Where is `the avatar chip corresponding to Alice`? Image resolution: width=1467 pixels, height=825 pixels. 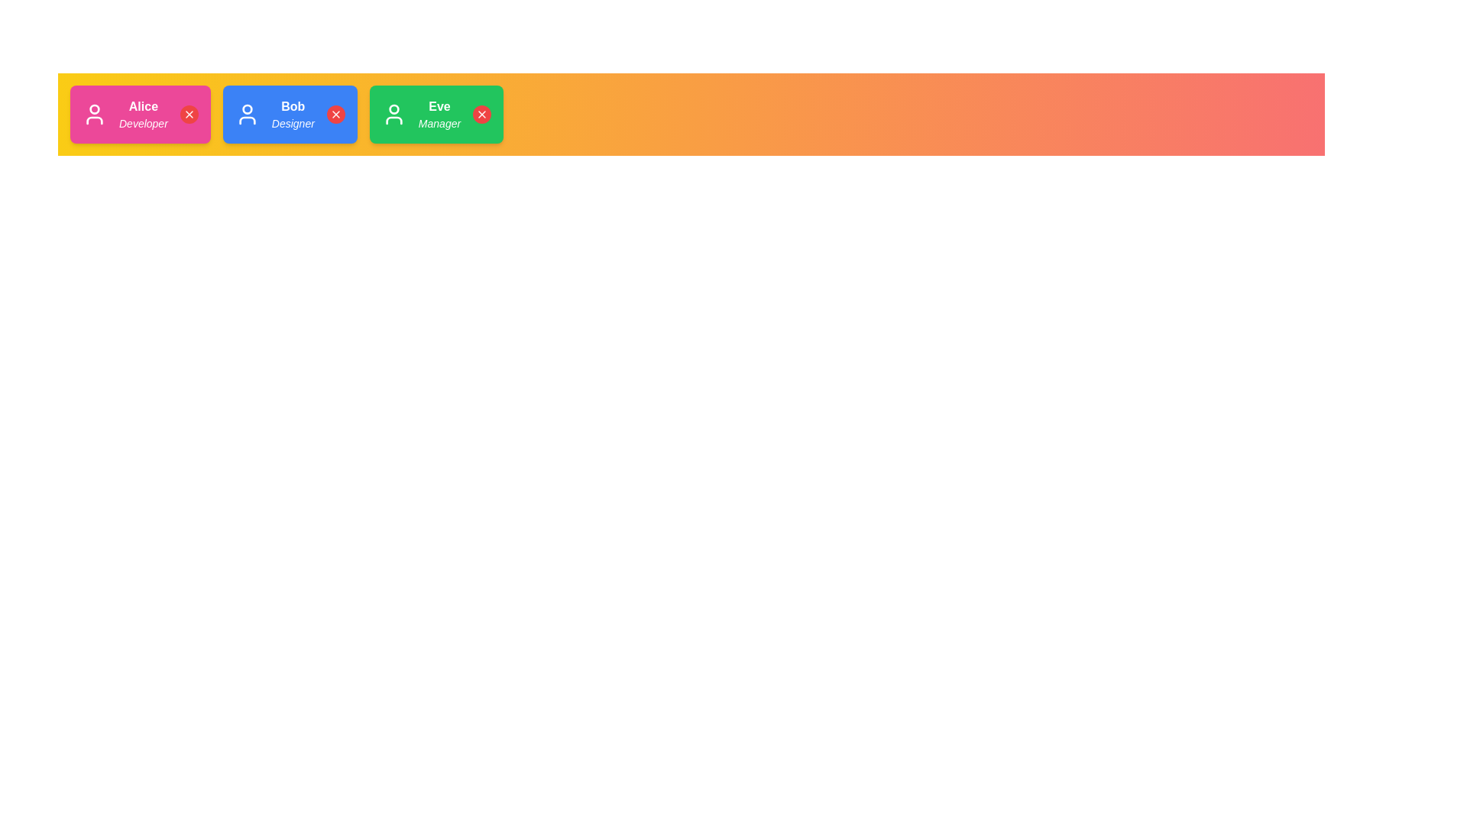 the avatar chip corresponding to Alice is located at coordinates (140, 114).